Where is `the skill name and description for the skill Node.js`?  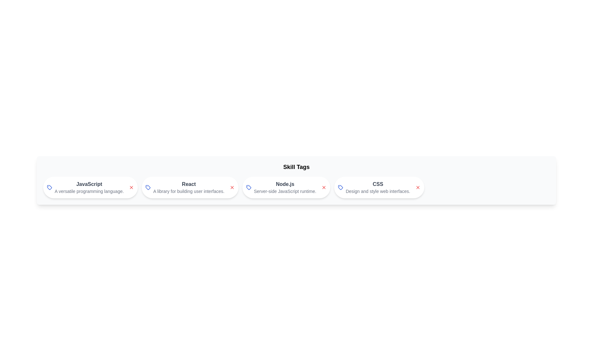
the skill name and description for the skill Node.js is located at coordinates (285, 184).